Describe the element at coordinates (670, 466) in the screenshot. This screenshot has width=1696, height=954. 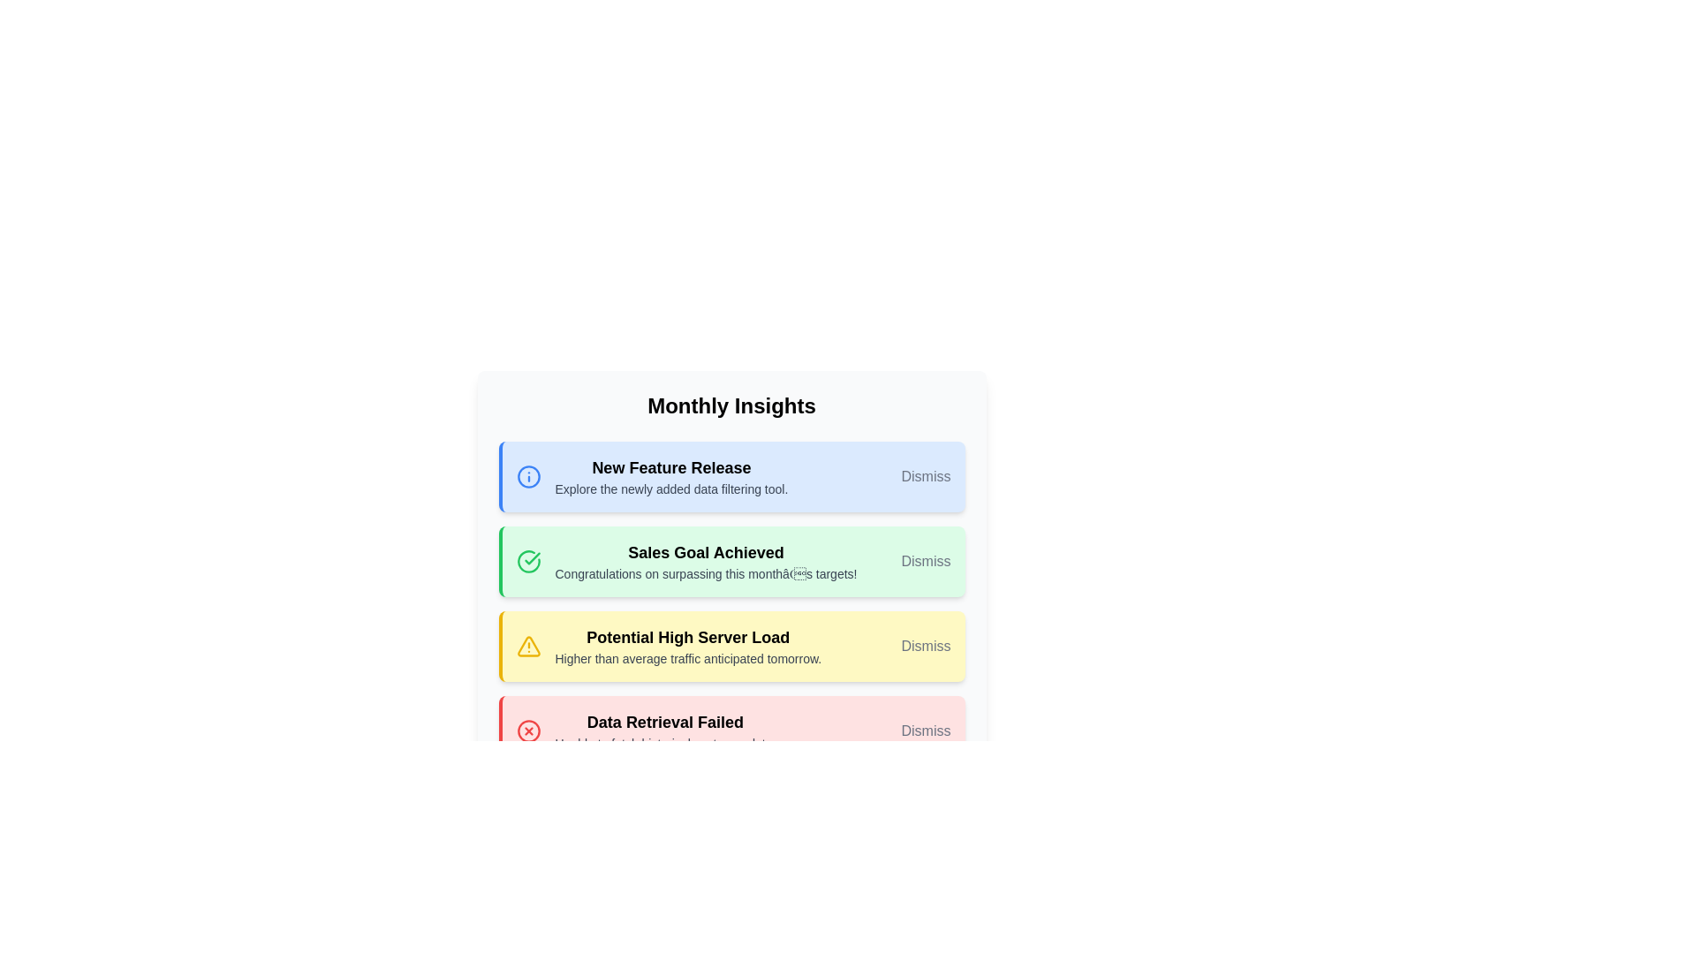
I see `the title or headline label of the notification regarding the release of a new feature, located centrally above the detailed description text in the blue background area labeled 'Monthly Insights'` at that location.